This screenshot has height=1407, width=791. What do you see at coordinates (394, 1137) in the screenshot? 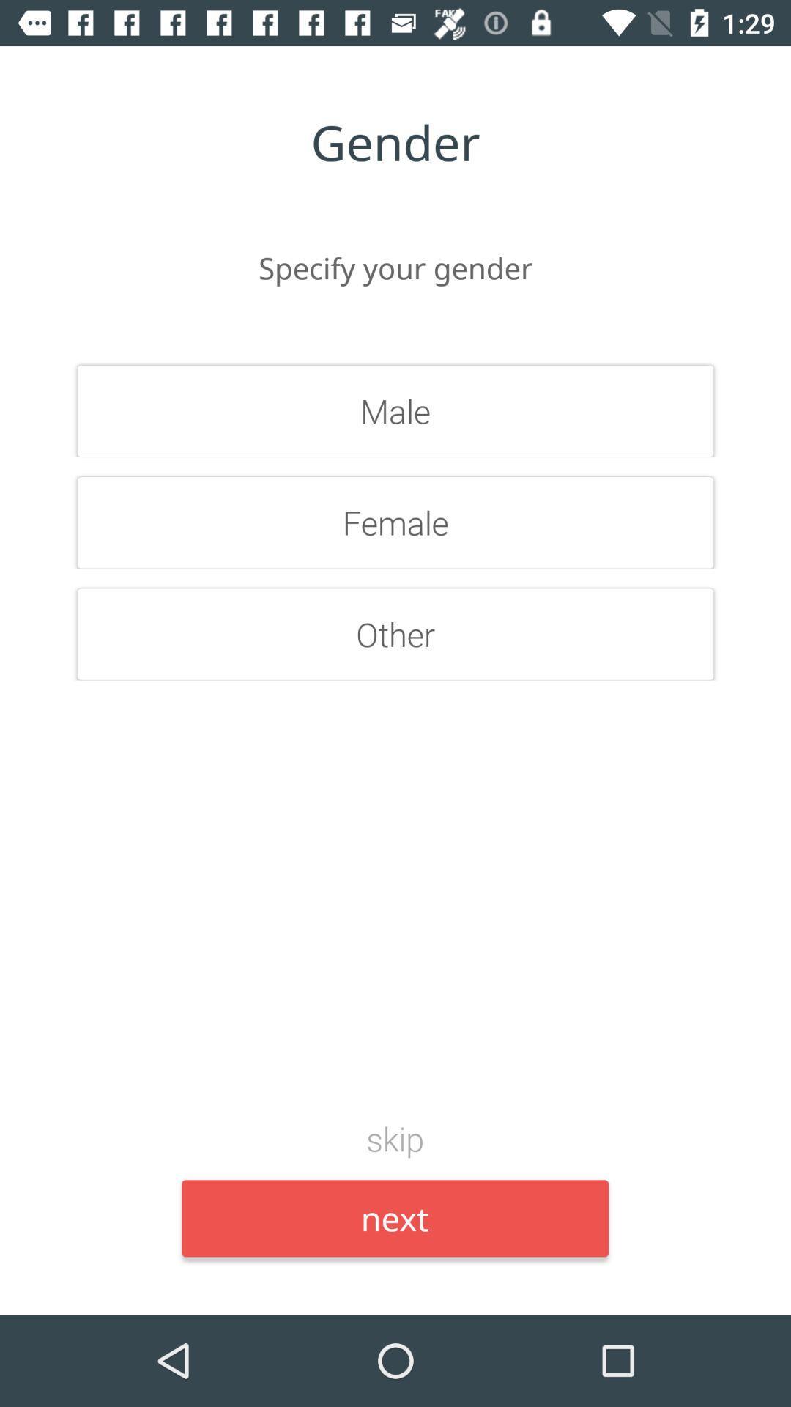
I see `the icon below other item` at bounding box center [394, 1137].